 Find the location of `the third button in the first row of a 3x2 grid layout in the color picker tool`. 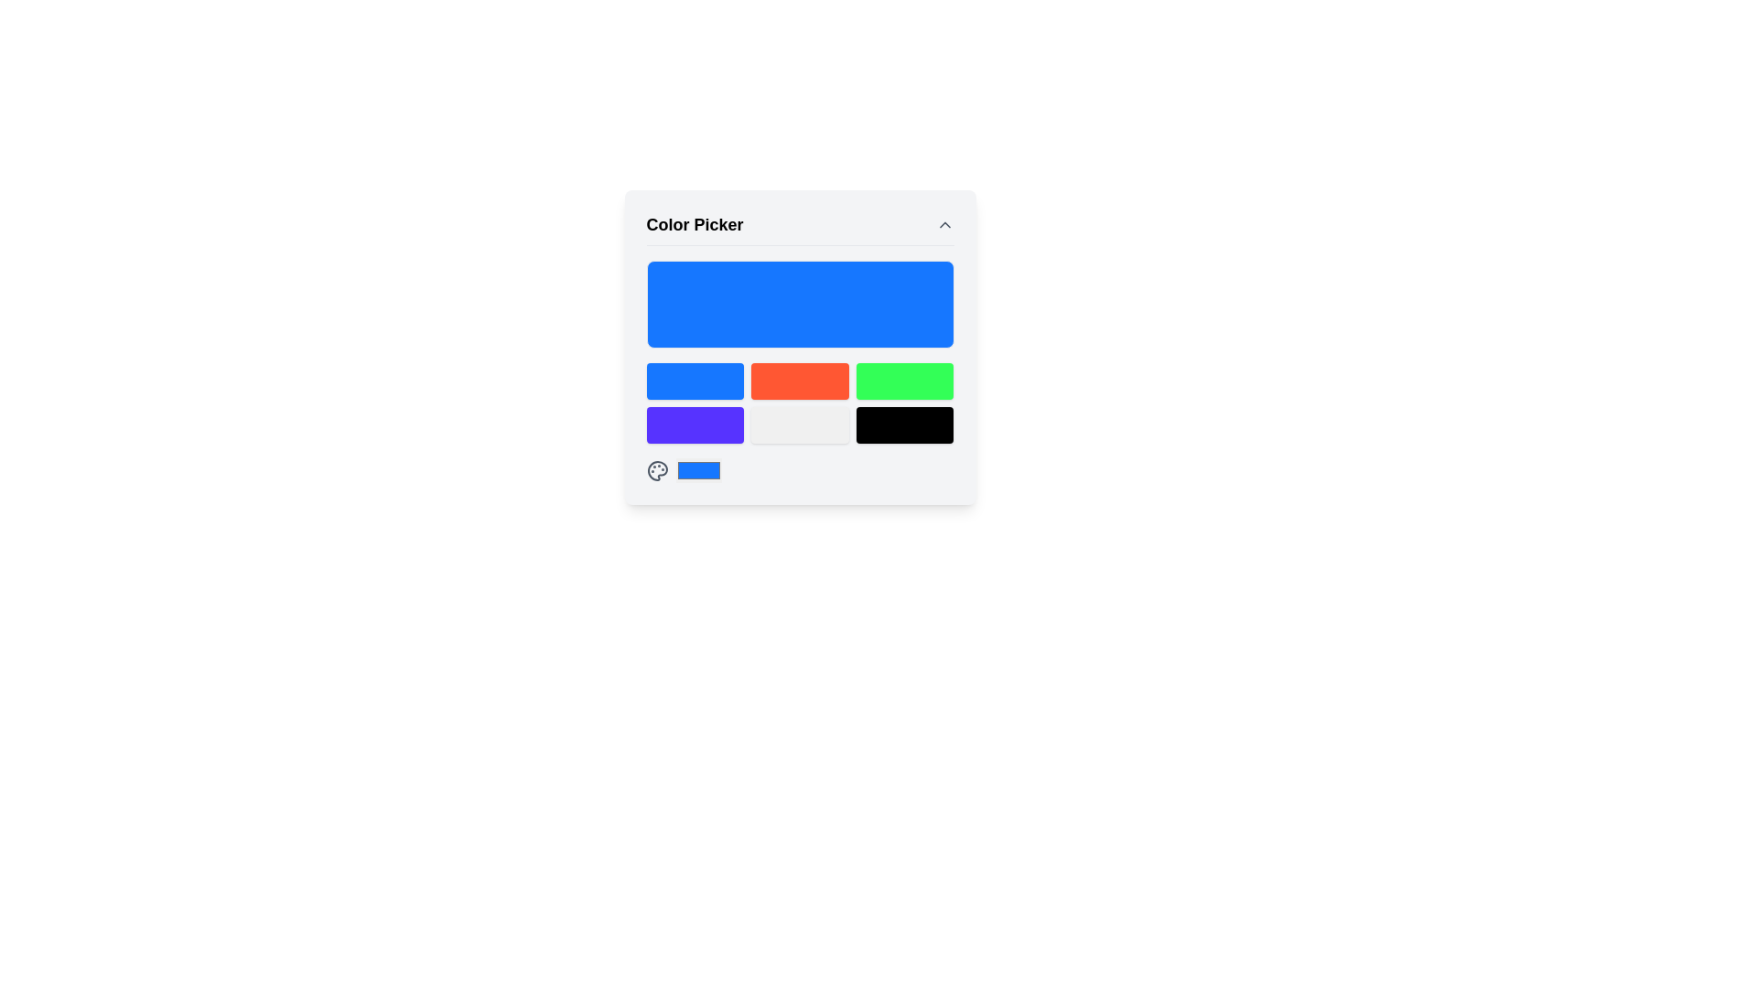

the third button in the first row of a 3x2 grid layout in the color picker tool is located at coordinates (905, 380).